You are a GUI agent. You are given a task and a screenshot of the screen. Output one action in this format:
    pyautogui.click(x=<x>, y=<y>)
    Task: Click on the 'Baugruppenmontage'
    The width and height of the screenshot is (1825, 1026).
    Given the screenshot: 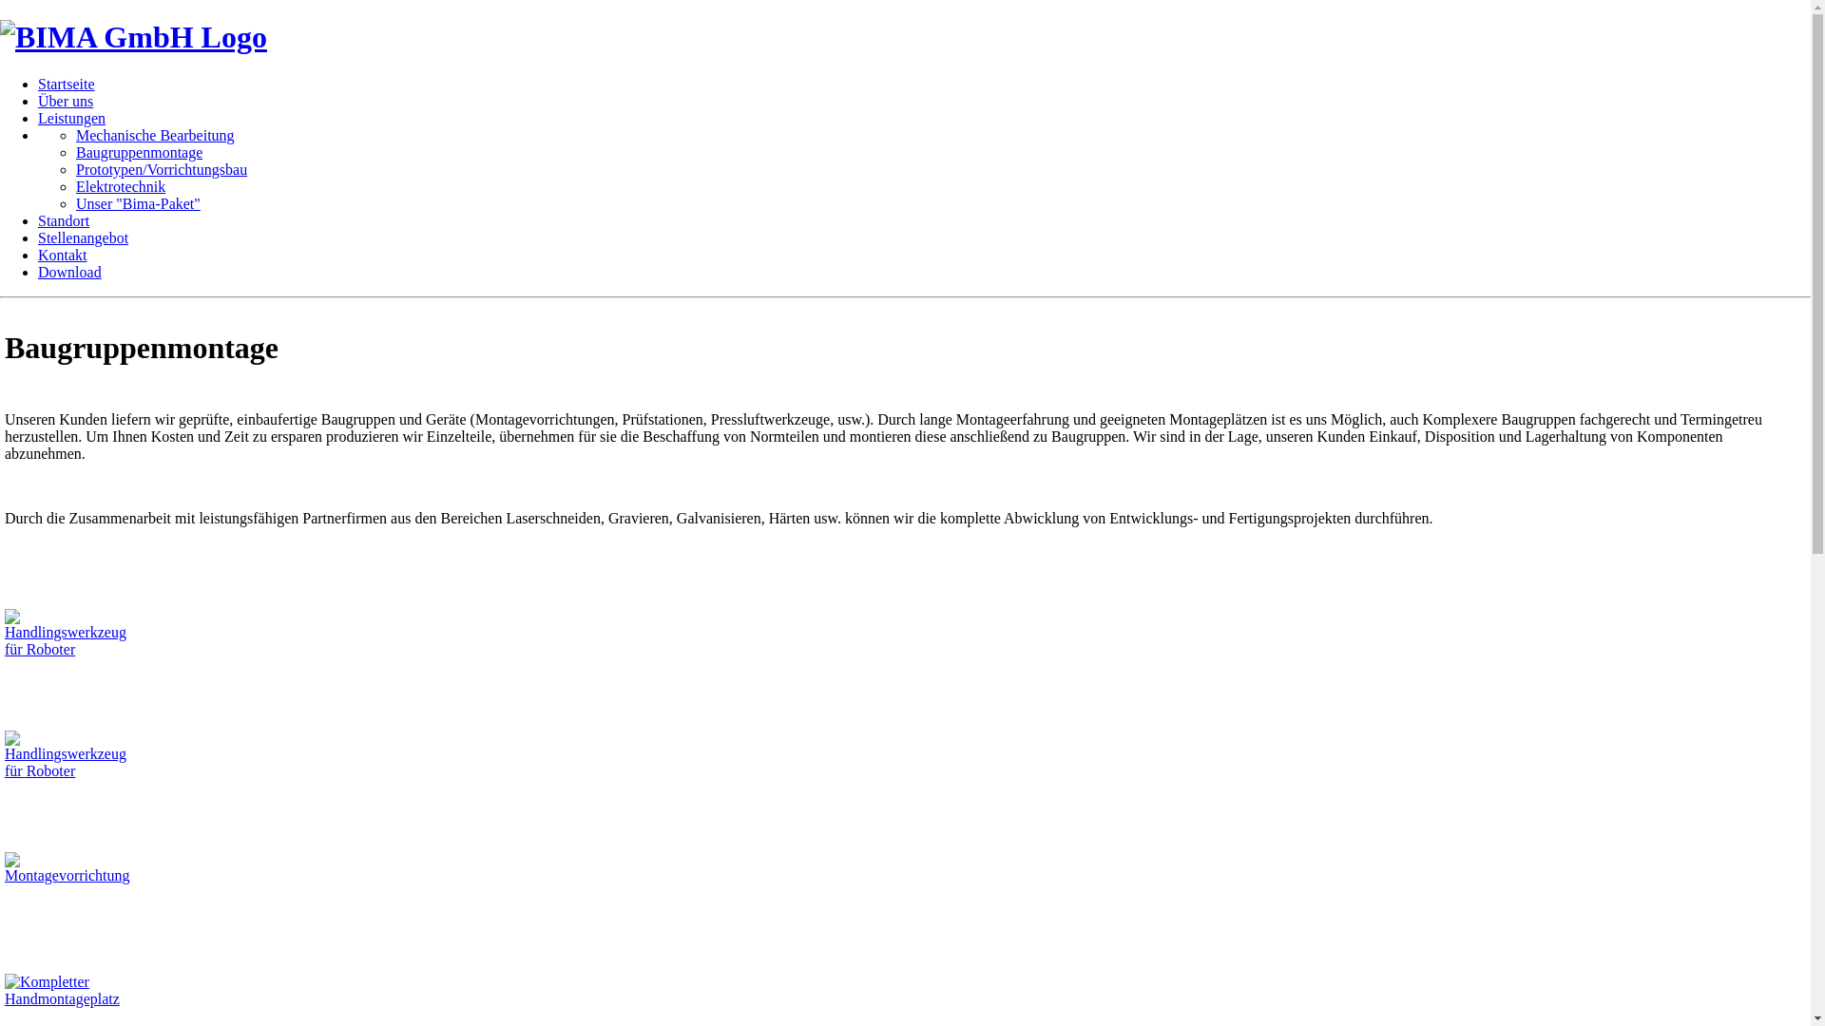 What is the action you would take?
    pyautogui.click(x=138, y=151)
    